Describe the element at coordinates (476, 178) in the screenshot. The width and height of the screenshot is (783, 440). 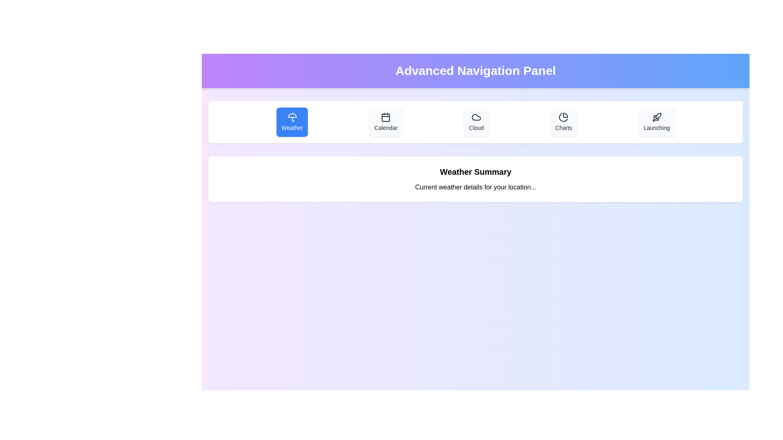
I see `the central text block that provides an overview of current weather conditions, located below the navigation bar` at that location.